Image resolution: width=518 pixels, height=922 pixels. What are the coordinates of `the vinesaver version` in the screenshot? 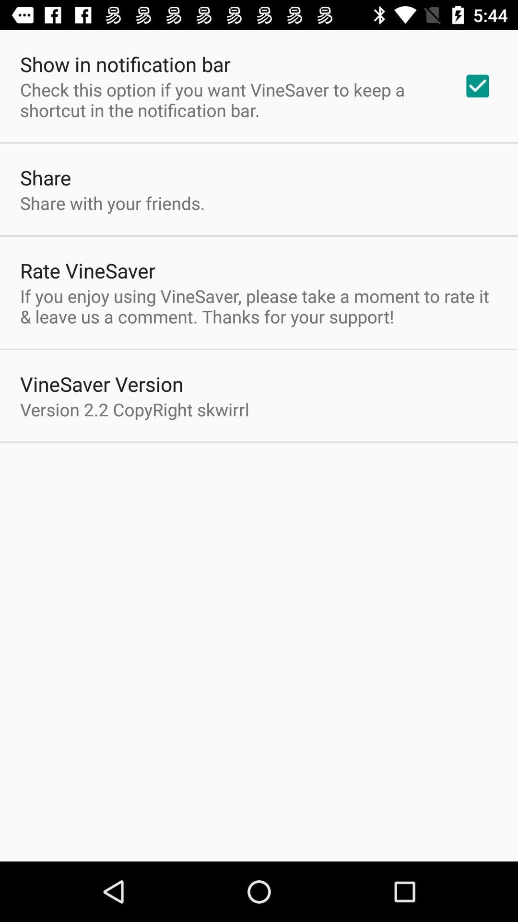 It's located at (102, 383).